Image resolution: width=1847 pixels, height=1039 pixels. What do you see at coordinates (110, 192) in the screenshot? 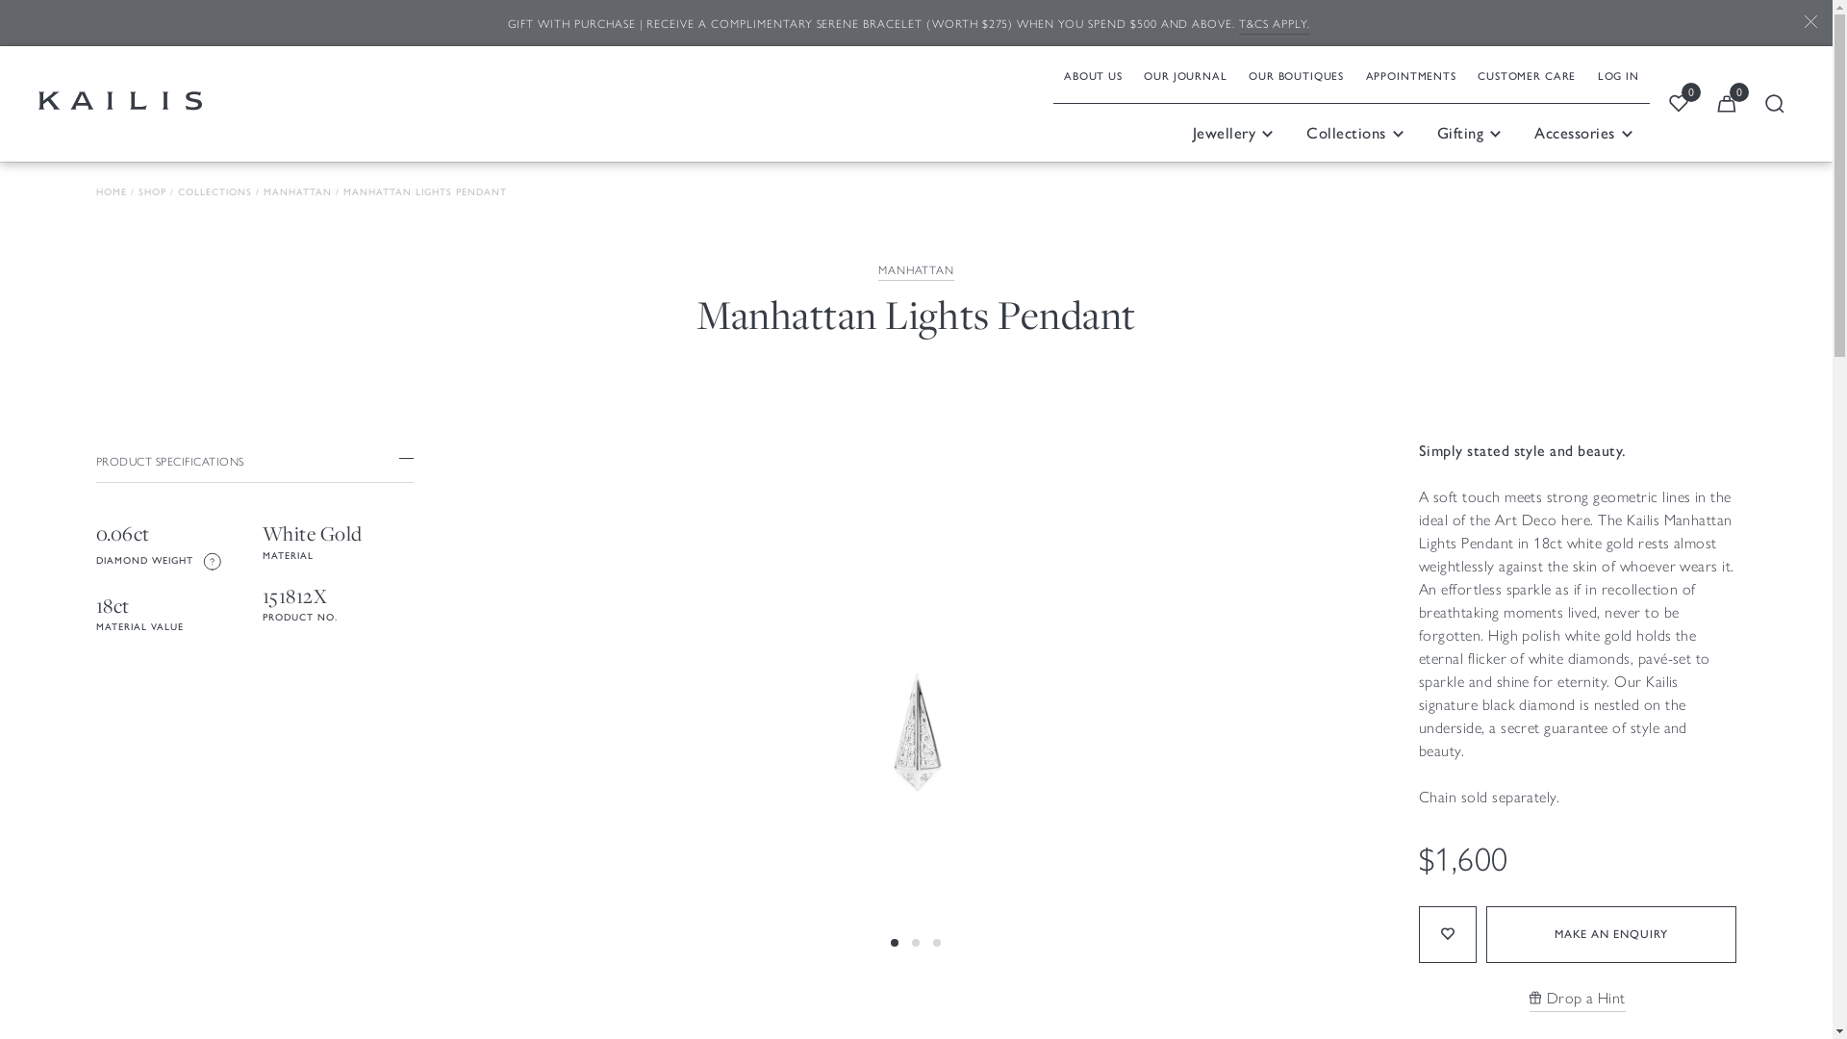
I see `'HOME'` at bounding box center [110, 192].